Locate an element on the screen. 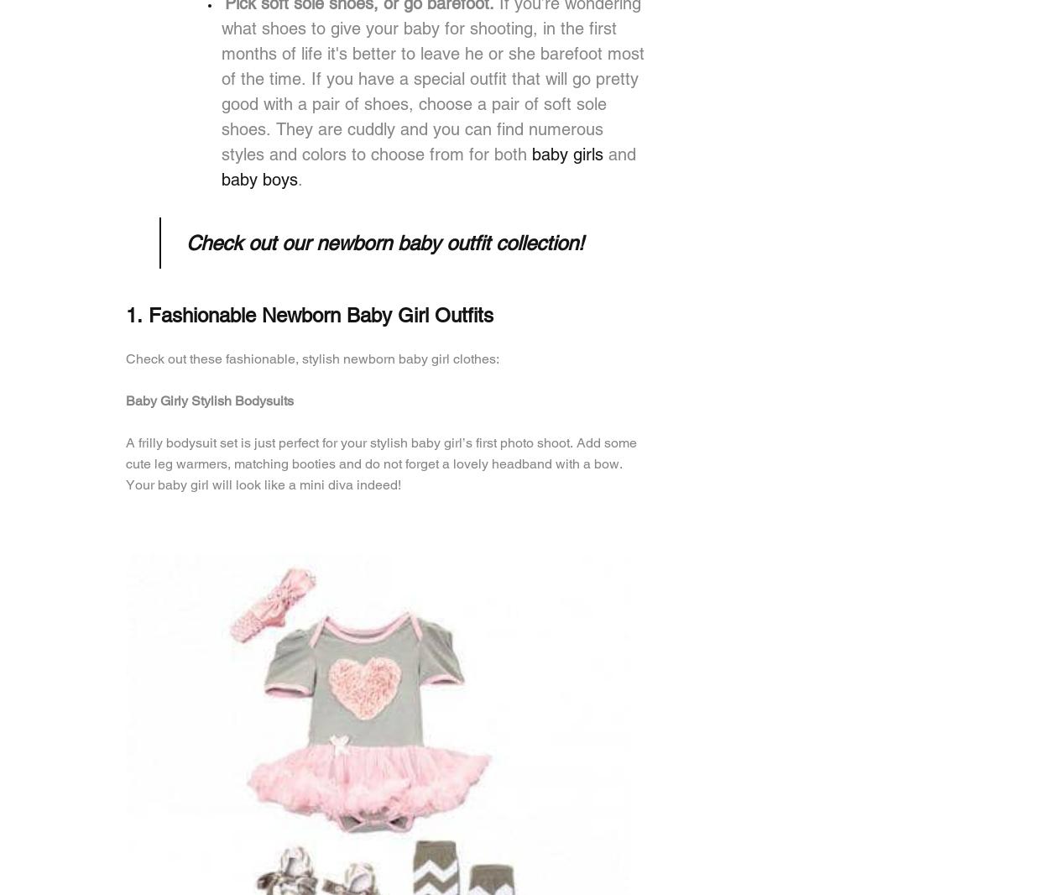 The image size is (1049, 895). 'baby boys' is located at coordinates (259, 179).